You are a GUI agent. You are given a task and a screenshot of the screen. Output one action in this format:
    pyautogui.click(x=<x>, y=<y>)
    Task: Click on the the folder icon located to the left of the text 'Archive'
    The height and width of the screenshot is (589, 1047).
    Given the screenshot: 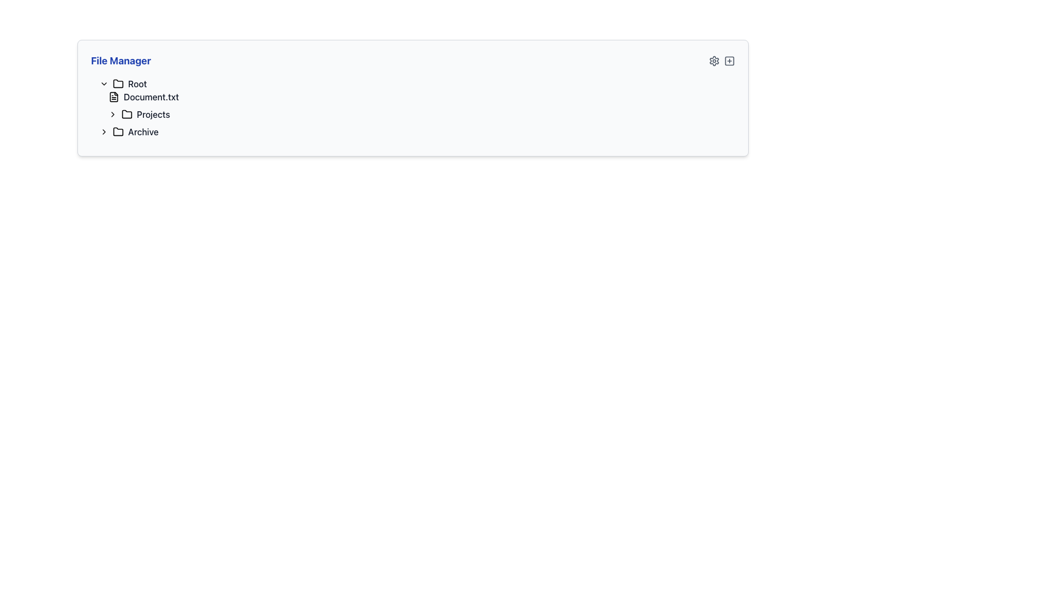 What is the action you would take?
    pyautogui.click(x=118, y=131)
    